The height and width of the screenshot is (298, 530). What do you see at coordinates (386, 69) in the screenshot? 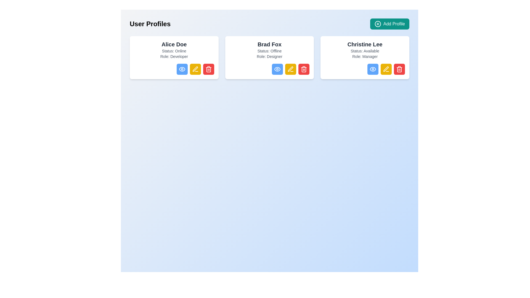
I see `the bright yellow button with a pen icon, which is the second button from the right in a row of action buttons at the bottom-right of the profile card` at bounding box center [386, 69].